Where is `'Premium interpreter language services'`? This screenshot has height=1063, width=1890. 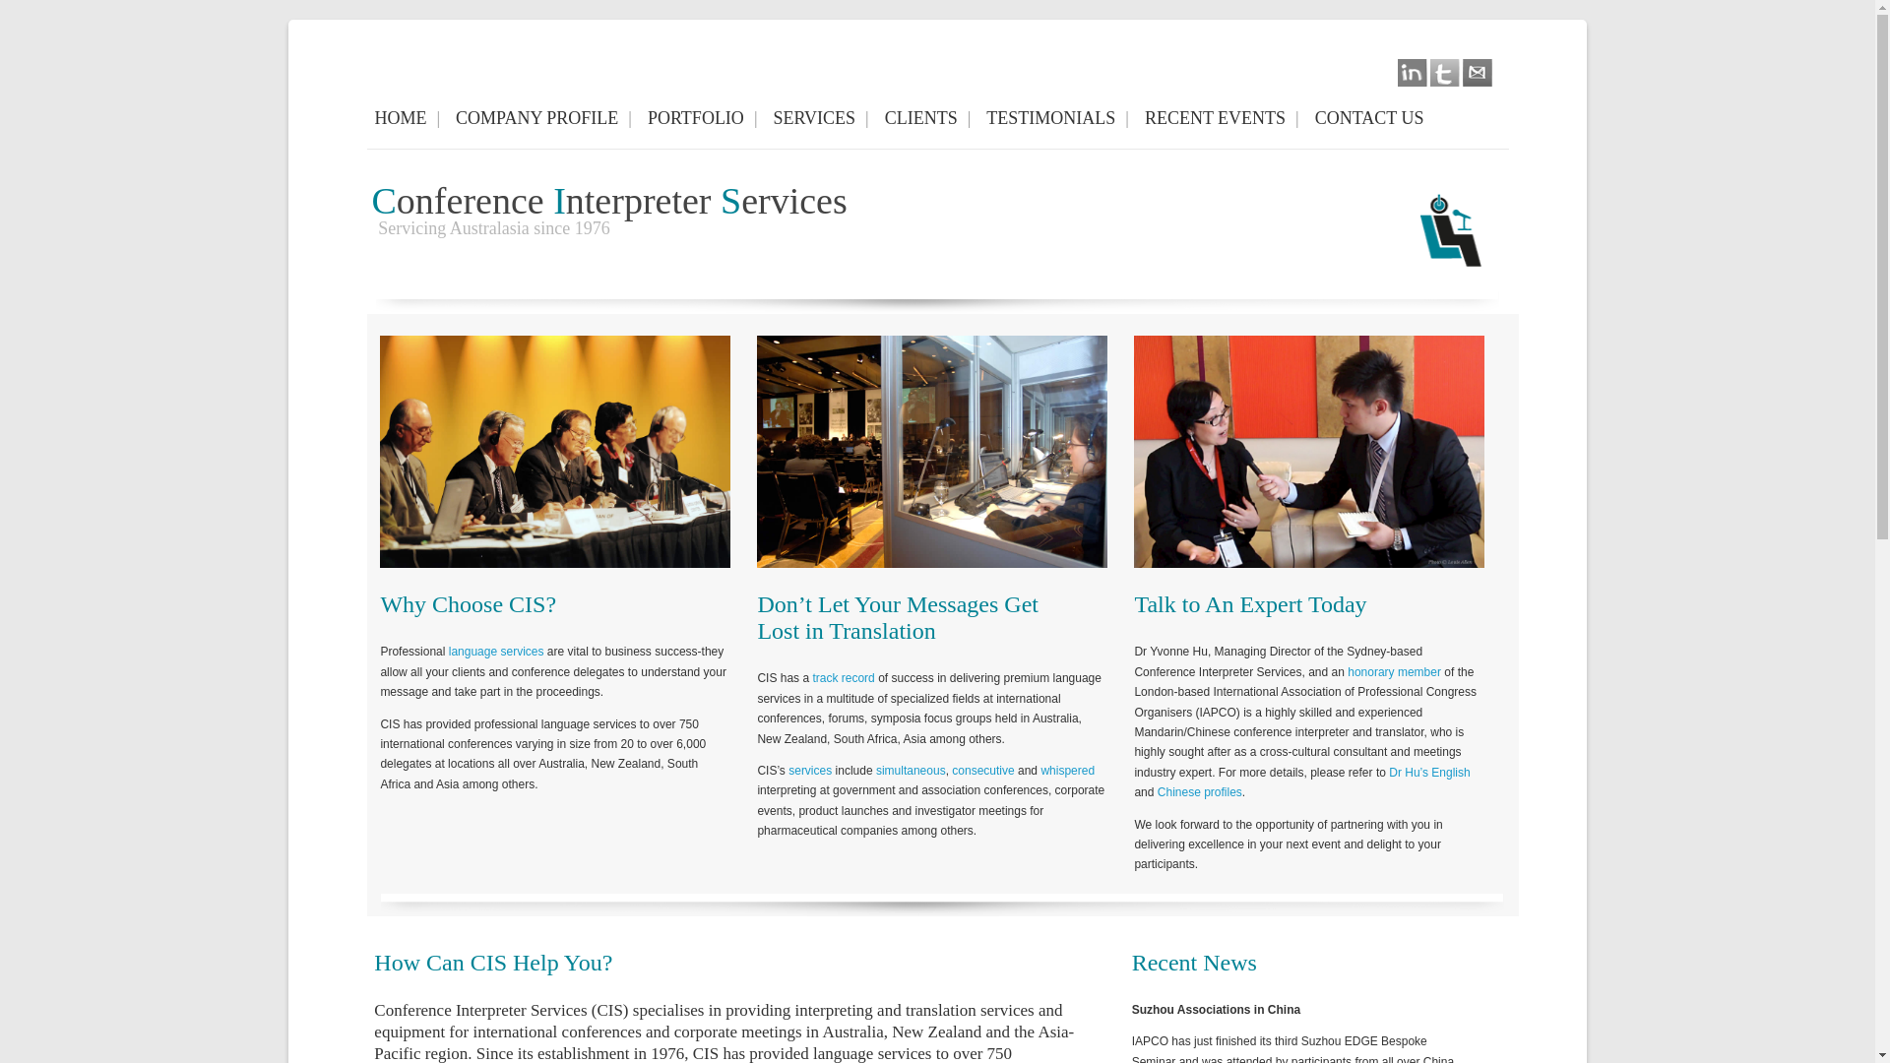
'Premium interpreter language services' is located at coordinates (755, 452).